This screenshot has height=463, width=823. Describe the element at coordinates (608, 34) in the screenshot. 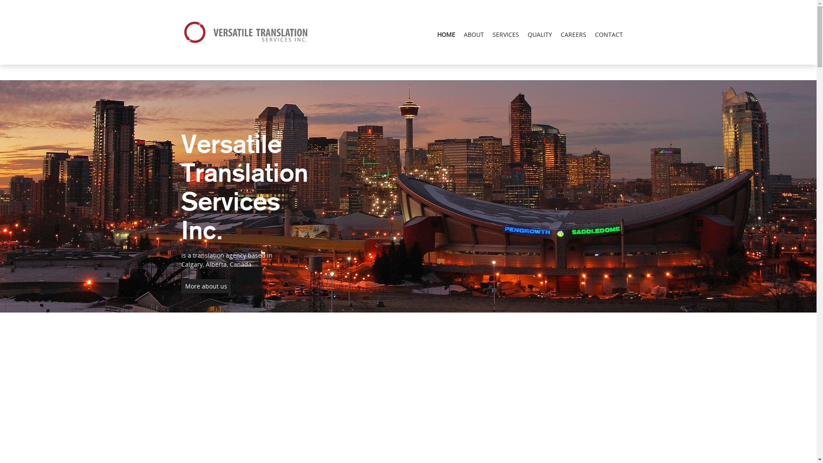

I see `'CONTACT'` at that location.